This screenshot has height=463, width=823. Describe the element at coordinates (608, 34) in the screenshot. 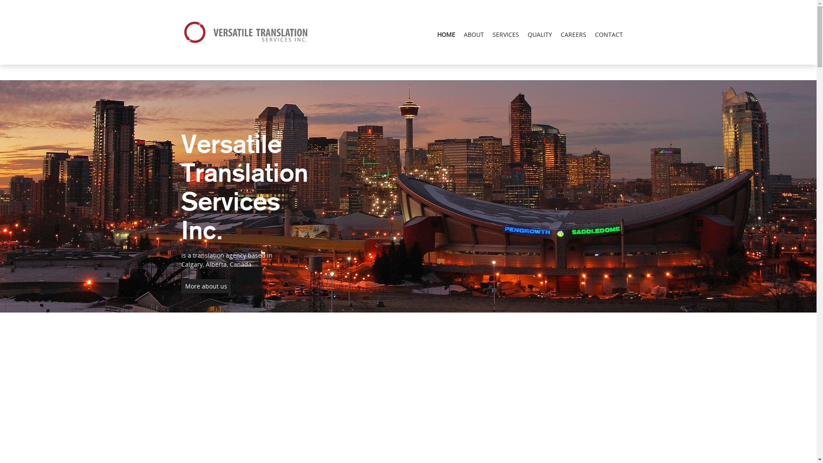

I see `'CONTACT'` at that location.